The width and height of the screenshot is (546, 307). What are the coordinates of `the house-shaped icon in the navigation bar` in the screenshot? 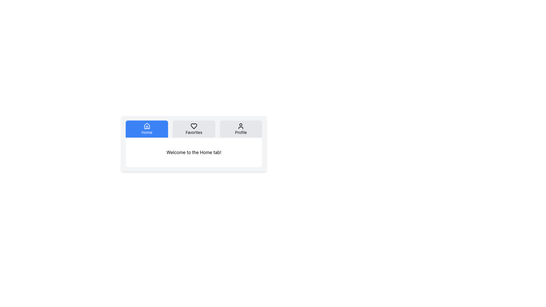 It's located at (147, 126).